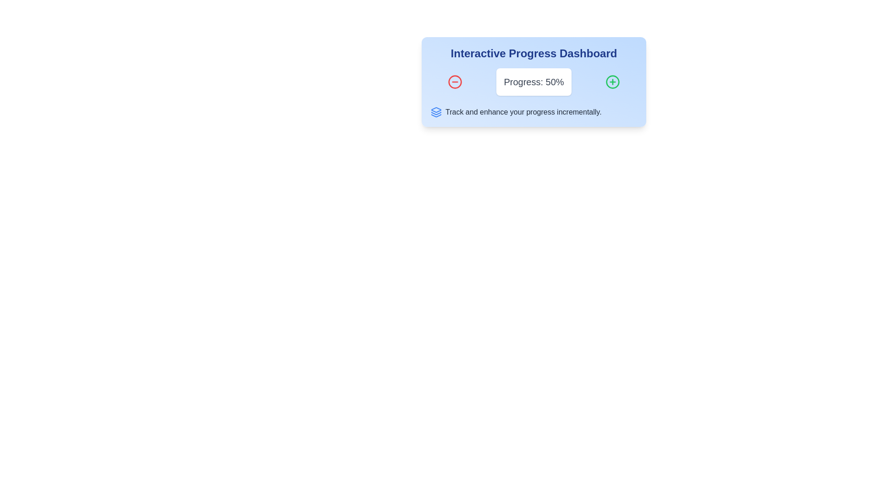 This screenshot has height=495, width=880. I want to click on the text label displaying 'Track and enhance your progress incrementally.' which is styled in medium gray and positioned next to a blue layers icon, so click(523, 112).